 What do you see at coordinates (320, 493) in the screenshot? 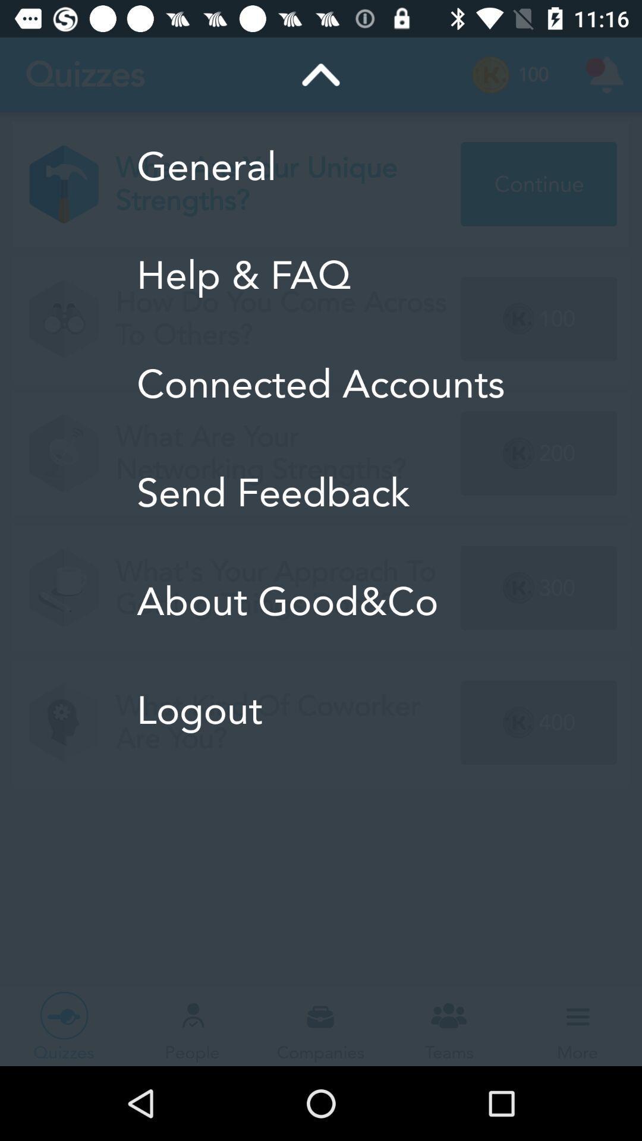
I see `the send feedback item` at bounding box center [320, 493].